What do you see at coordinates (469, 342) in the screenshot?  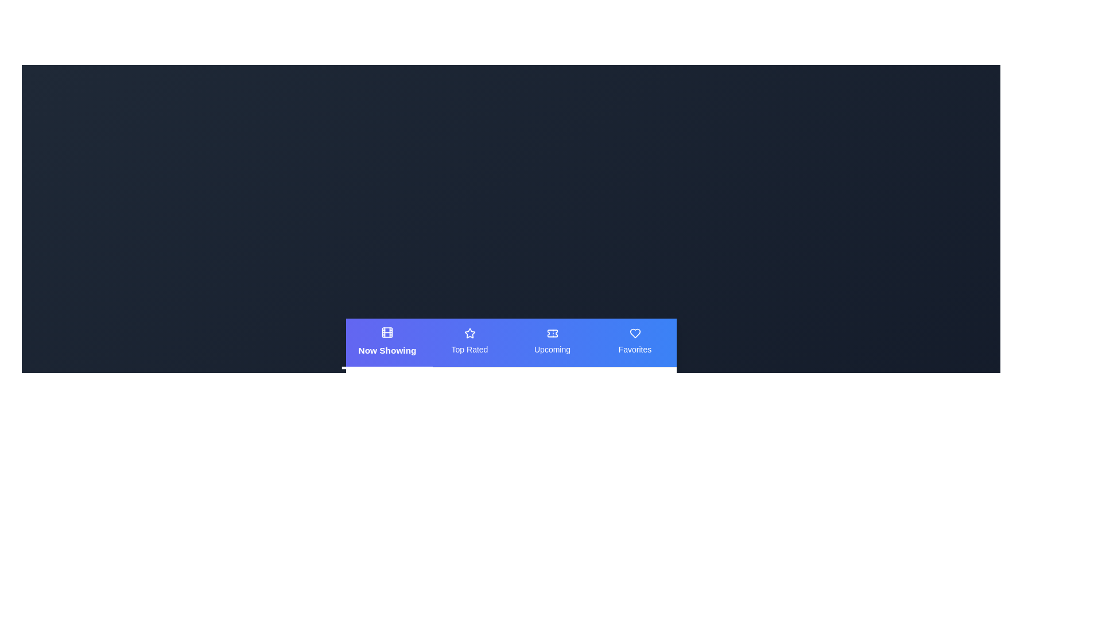 I see `the 'Top Rated' button, which features a star outline icon and is located in the center-bottom menu` at bounding box center [469, 342].